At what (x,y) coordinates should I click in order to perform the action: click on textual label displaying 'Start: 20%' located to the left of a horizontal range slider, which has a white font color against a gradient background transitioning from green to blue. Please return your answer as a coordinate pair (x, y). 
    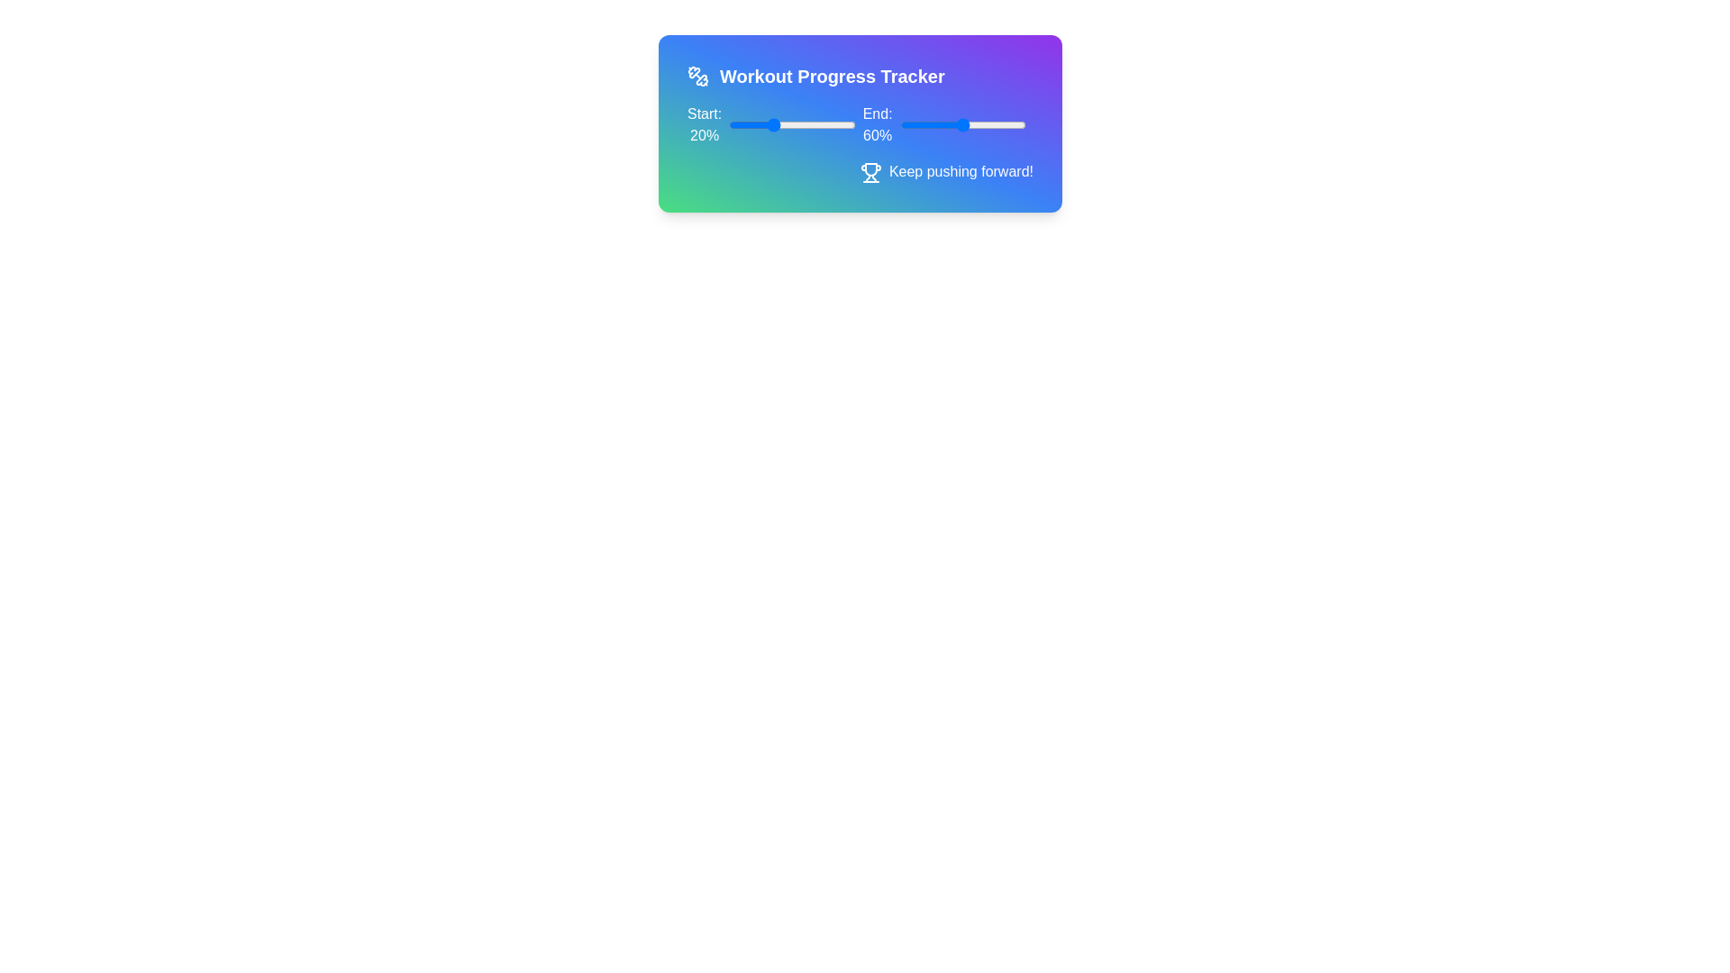
    Looking at the image, I should click on (704, 123).